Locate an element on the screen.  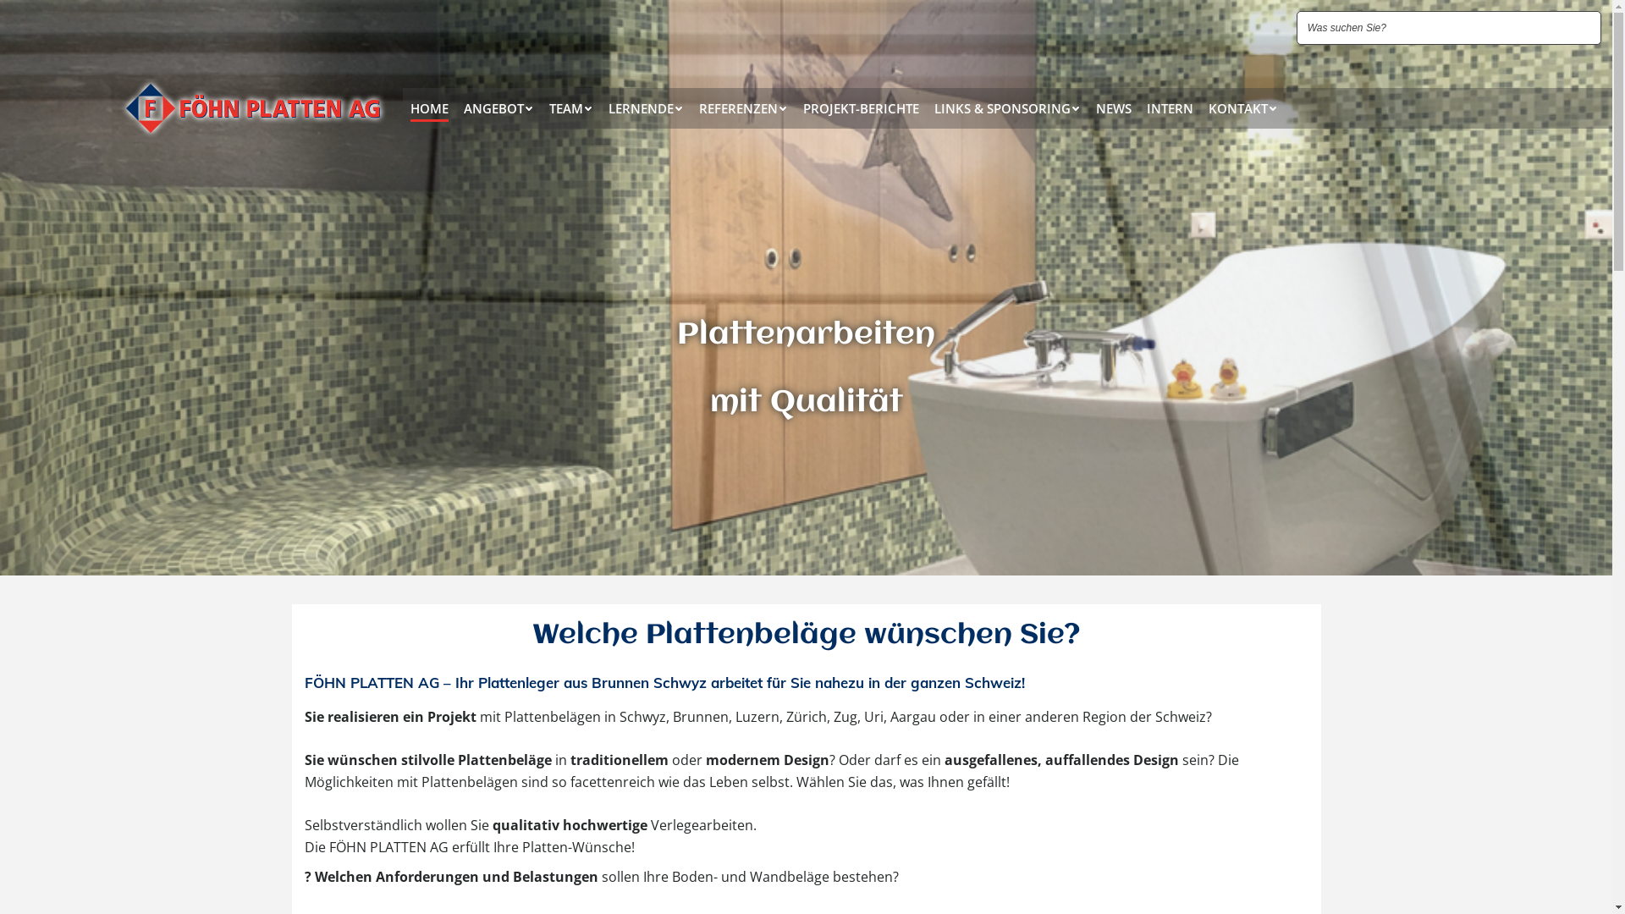
'TEAM' is located at coordinates (571, 108).